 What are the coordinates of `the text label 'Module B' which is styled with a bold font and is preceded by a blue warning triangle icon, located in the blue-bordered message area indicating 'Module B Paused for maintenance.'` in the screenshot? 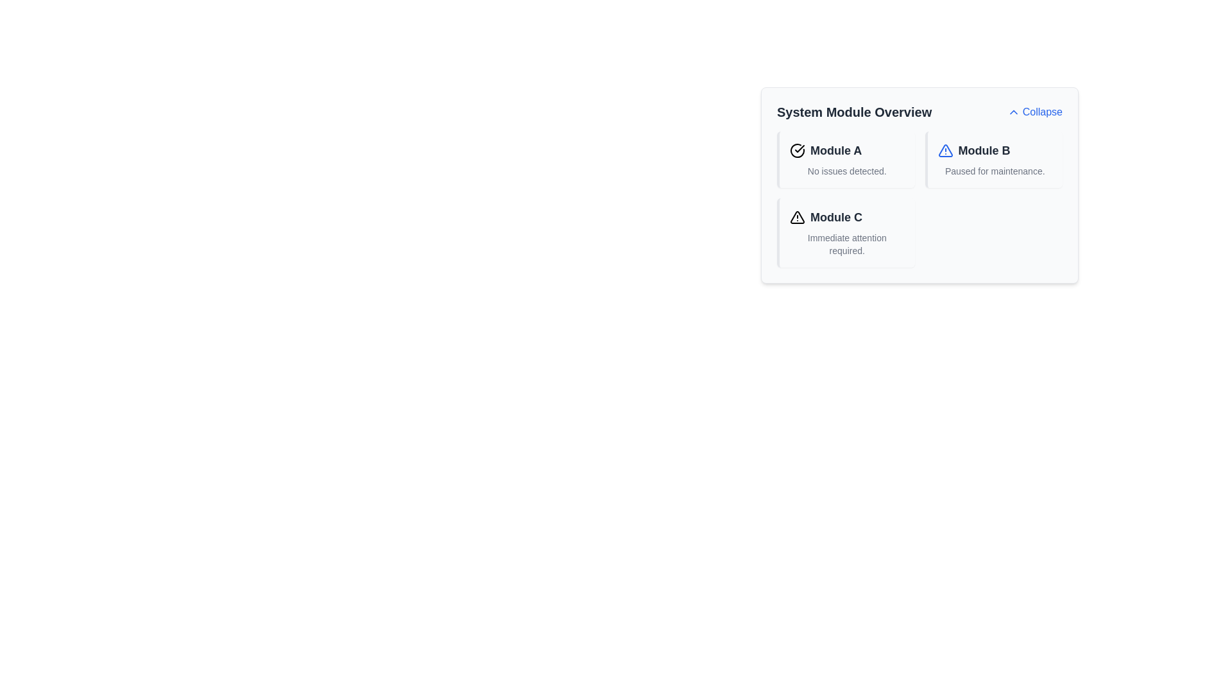 It's located at (994, 150).